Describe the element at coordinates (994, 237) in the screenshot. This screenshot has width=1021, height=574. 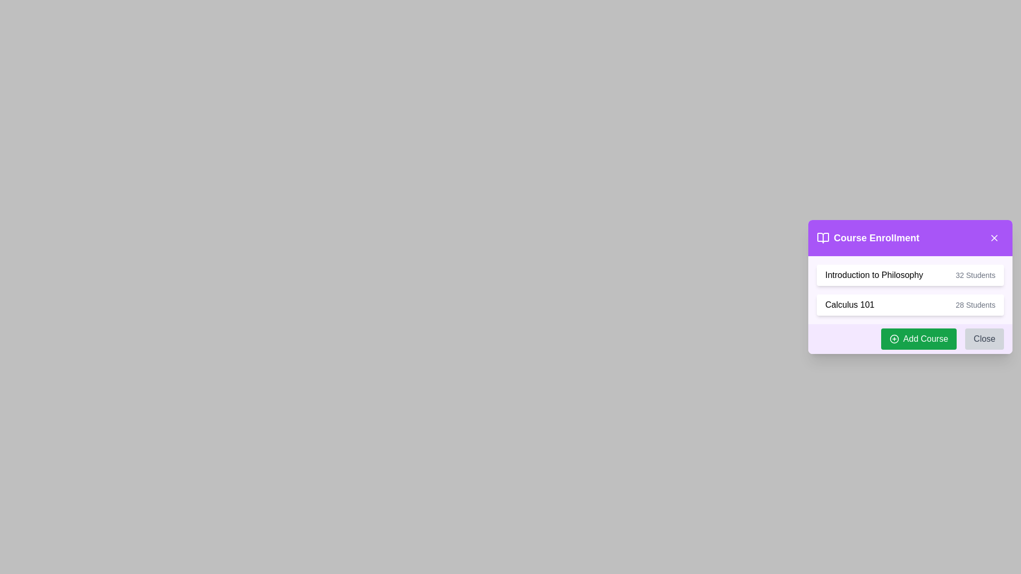
I see `the upper-right part of the 'X' close button in the purple header section of the 'Course Enrollment' card for potential visual feedback` at that location.